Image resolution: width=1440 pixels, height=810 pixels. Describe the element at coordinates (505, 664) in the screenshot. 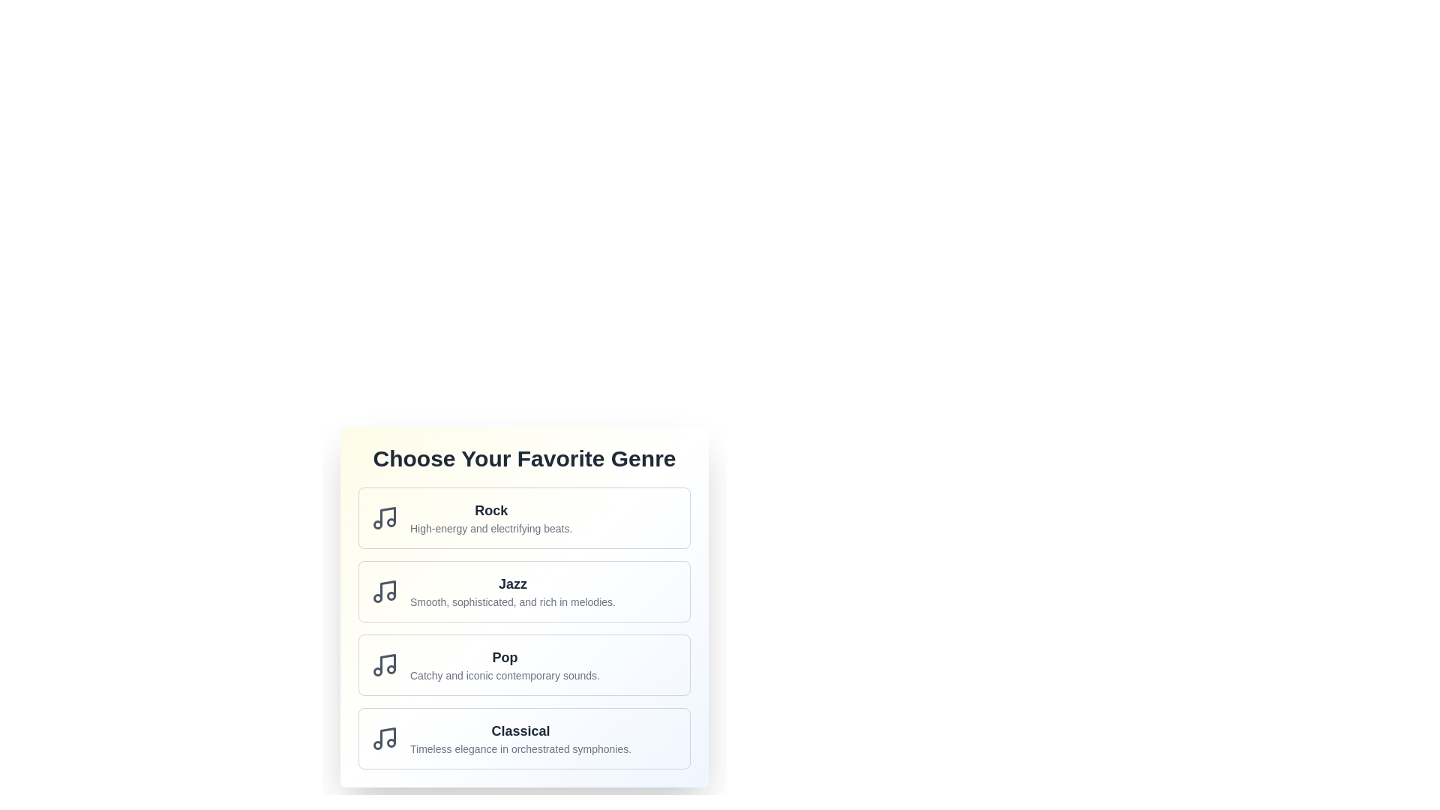

I see `the 'Pop' music genre label located in the third row of the music genres list under 'Choose Your Favorite Genre', which is positioned between 'Jazz' and 'Classical'` at that location.